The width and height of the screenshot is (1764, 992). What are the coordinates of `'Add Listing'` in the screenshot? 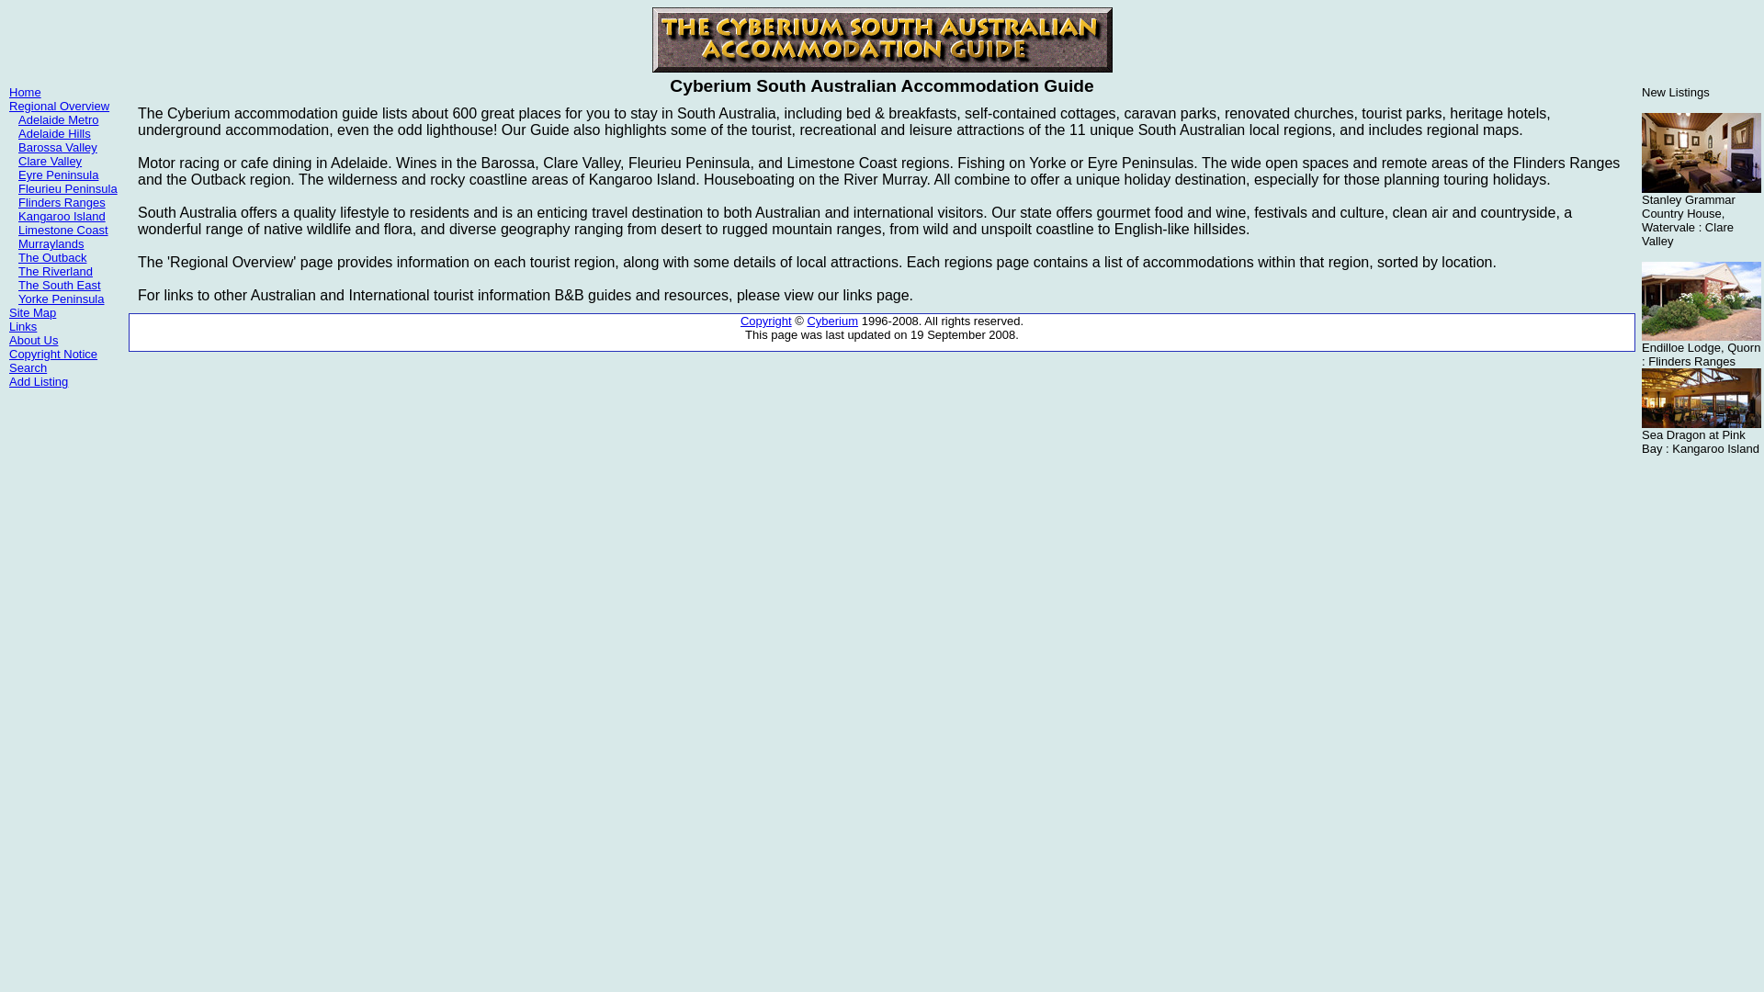 It's located at (39, 380).